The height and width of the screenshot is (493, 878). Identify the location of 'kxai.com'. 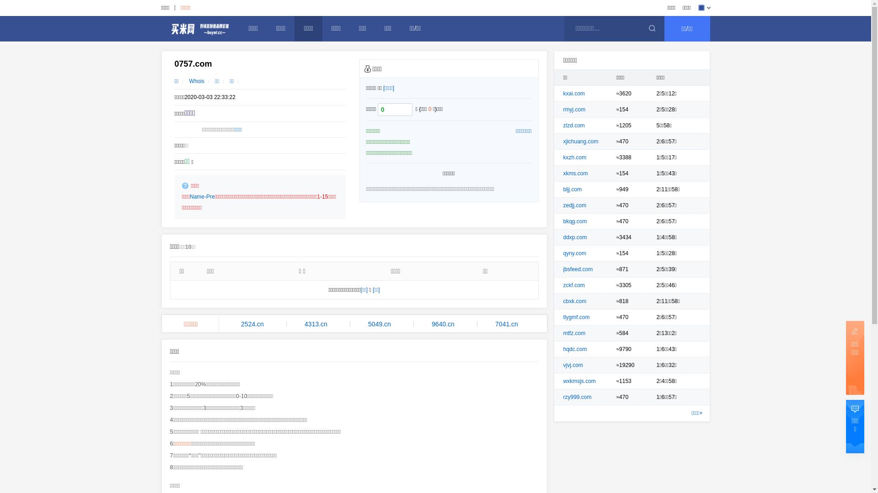
(573, 93).